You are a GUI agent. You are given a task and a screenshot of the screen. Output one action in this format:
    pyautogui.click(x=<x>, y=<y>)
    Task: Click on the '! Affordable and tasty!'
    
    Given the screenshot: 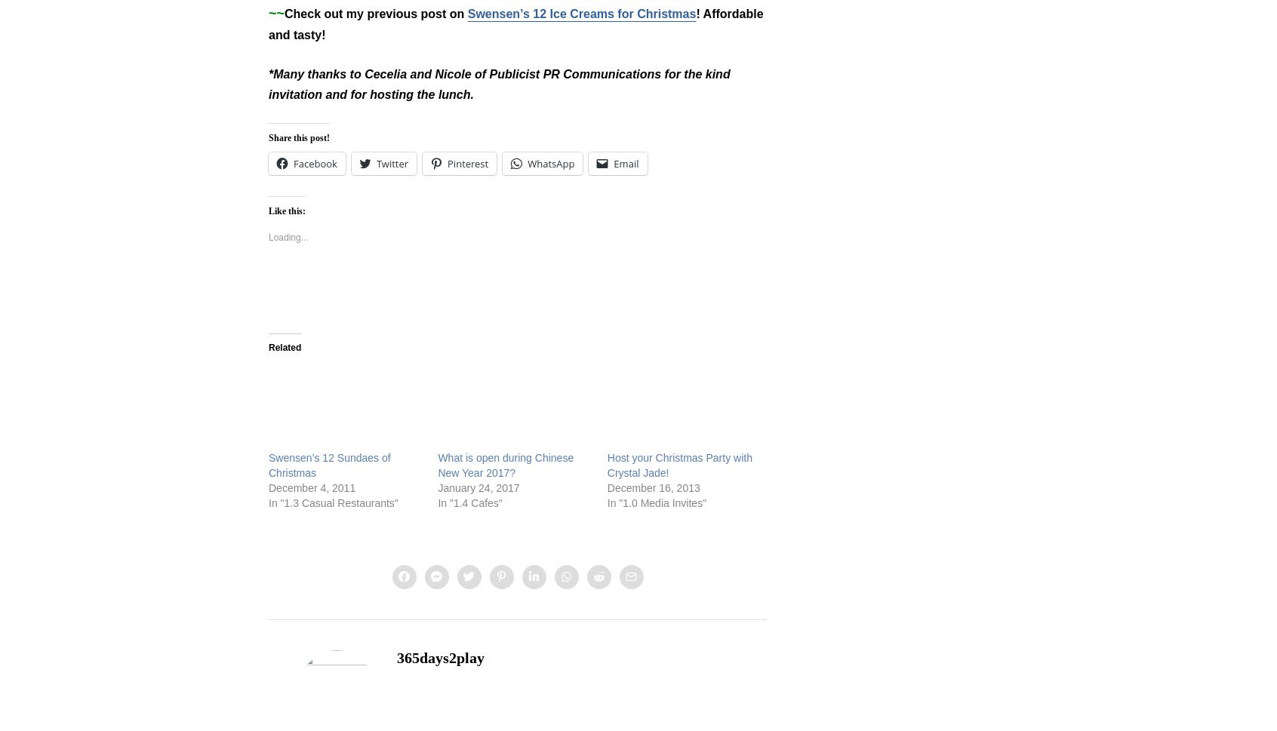 What is the action you would take?
    pyautogui.click(x=268, y=23)
    